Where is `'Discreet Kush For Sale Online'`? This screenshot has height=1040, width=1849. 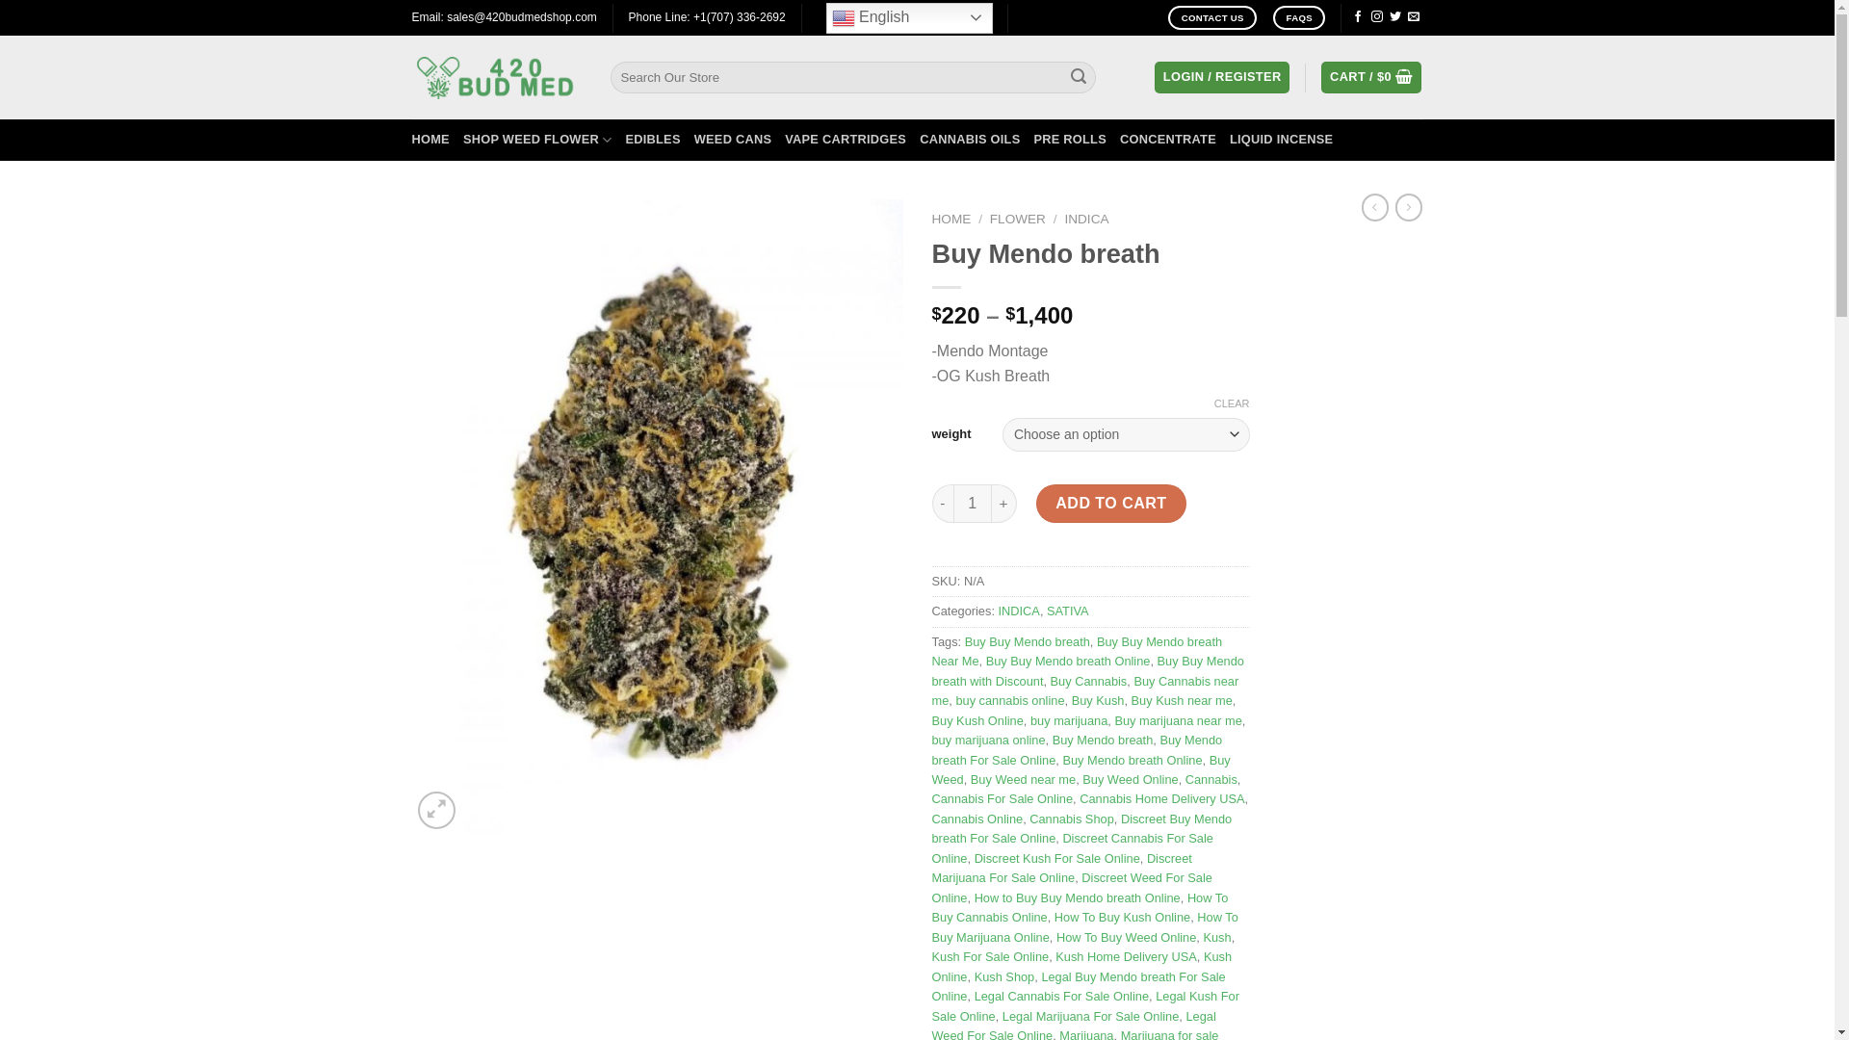
'Discreet Kush For Sale Online' is located at coordinates (975, 857).